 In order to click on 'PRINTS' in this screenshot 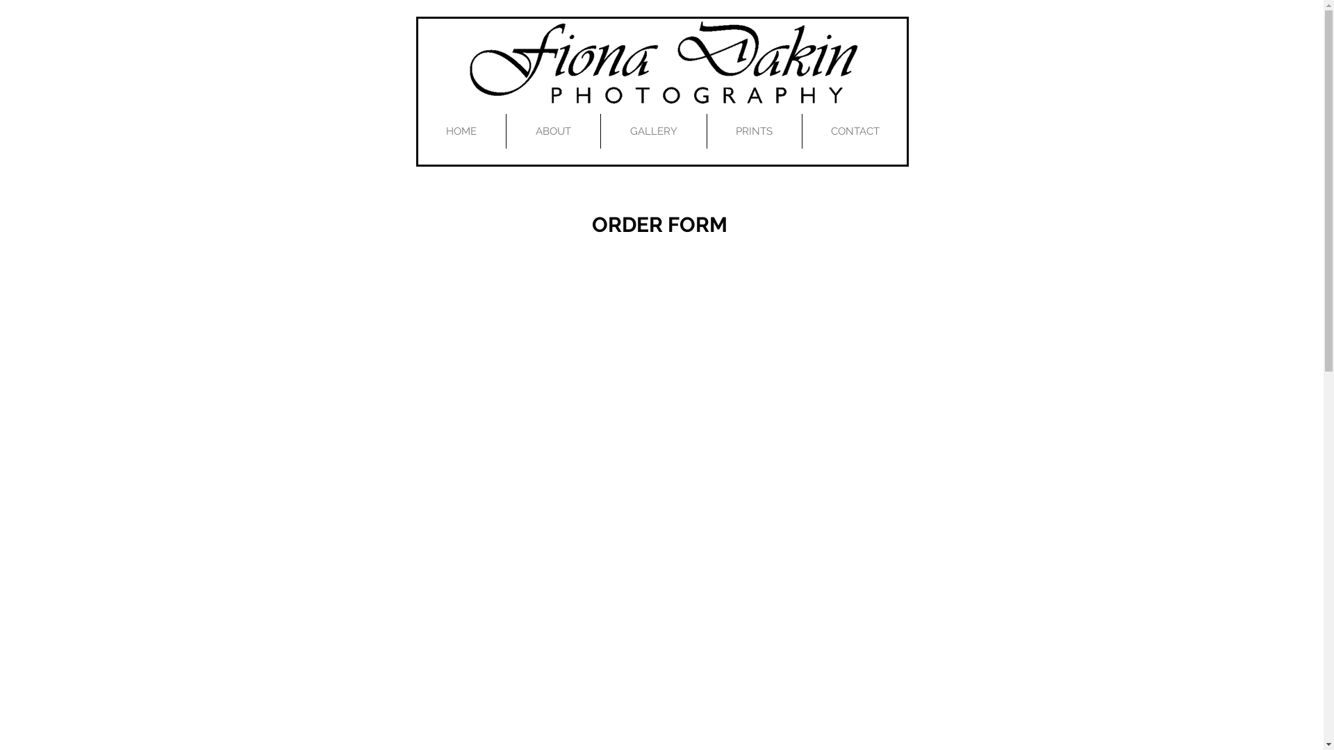, I will do `click(753, 131)`.